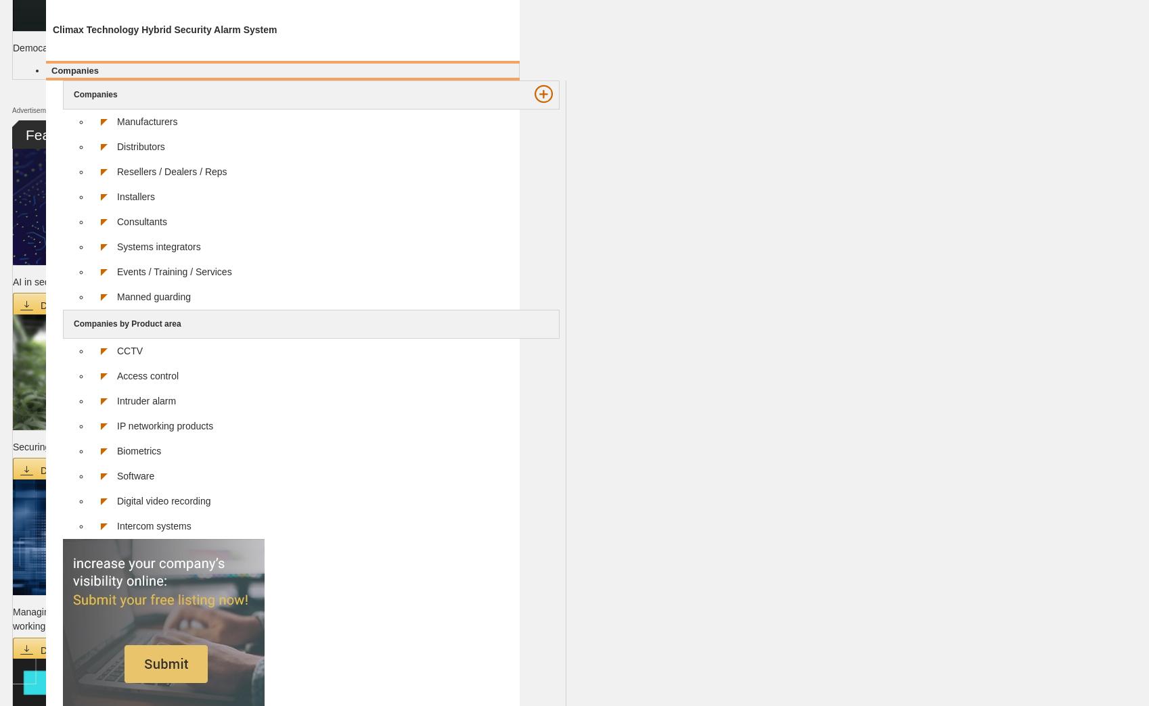 The height and width of the screenshot is (706, 1149). What do you see at coordinates (117, 295) in the screenshot?
I see `'Manned guarding'` at bounding box center [117, 295].